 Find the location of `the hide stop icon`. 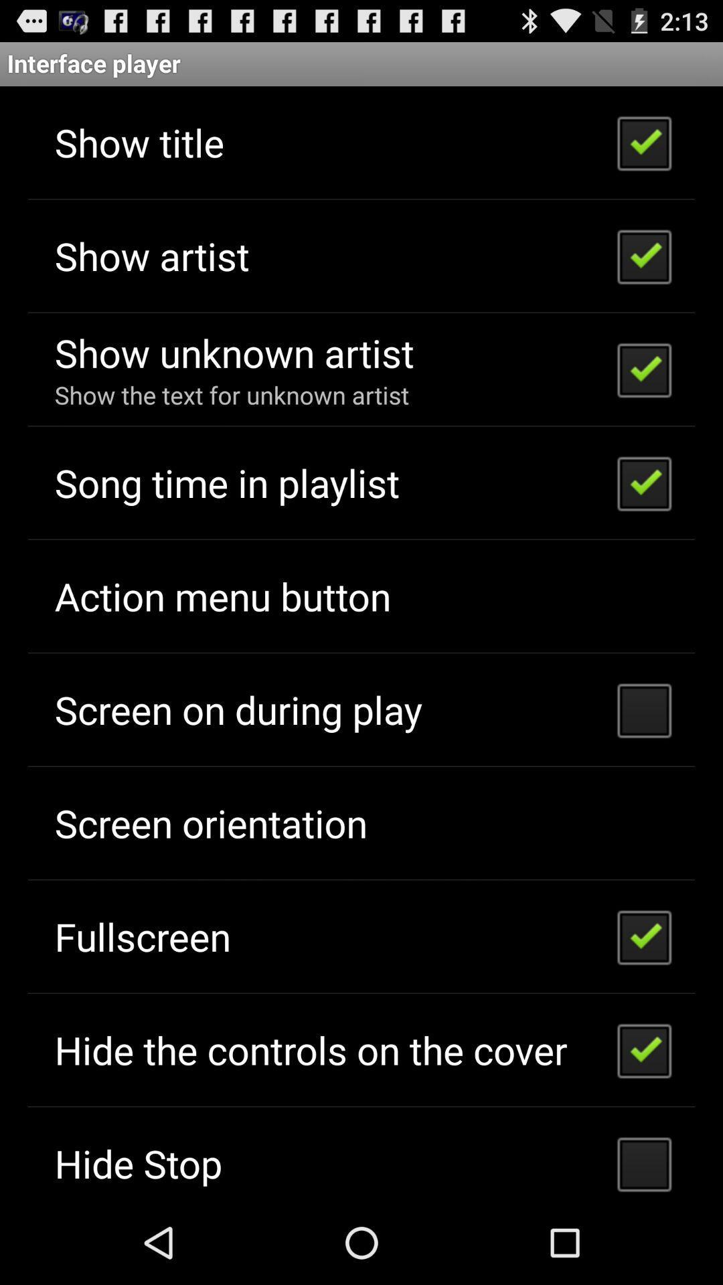

the hide stop icon is located at coordinates (139, 1163).